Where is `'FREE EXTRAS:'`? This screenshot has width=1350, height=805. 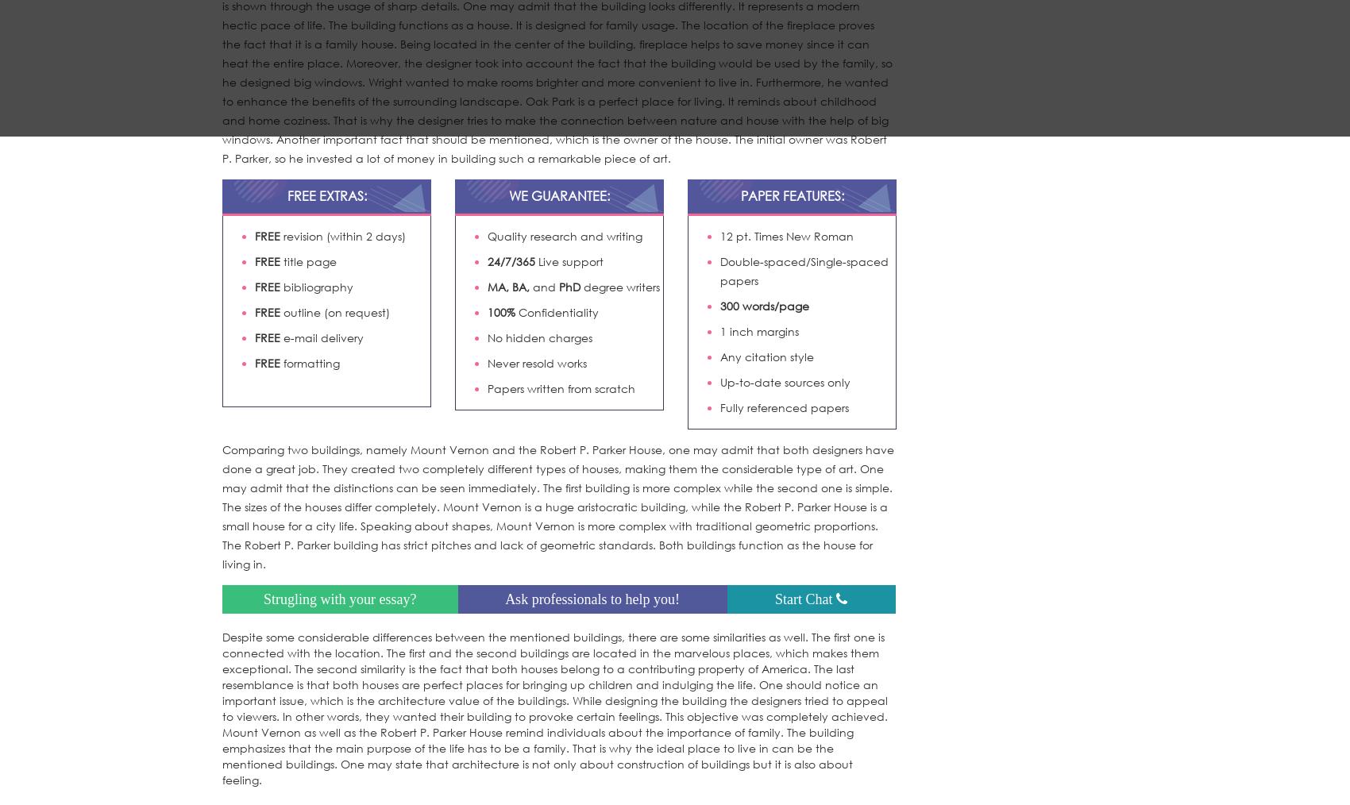
'FREE EXTRAS:' is located at coordinates (326, 195).